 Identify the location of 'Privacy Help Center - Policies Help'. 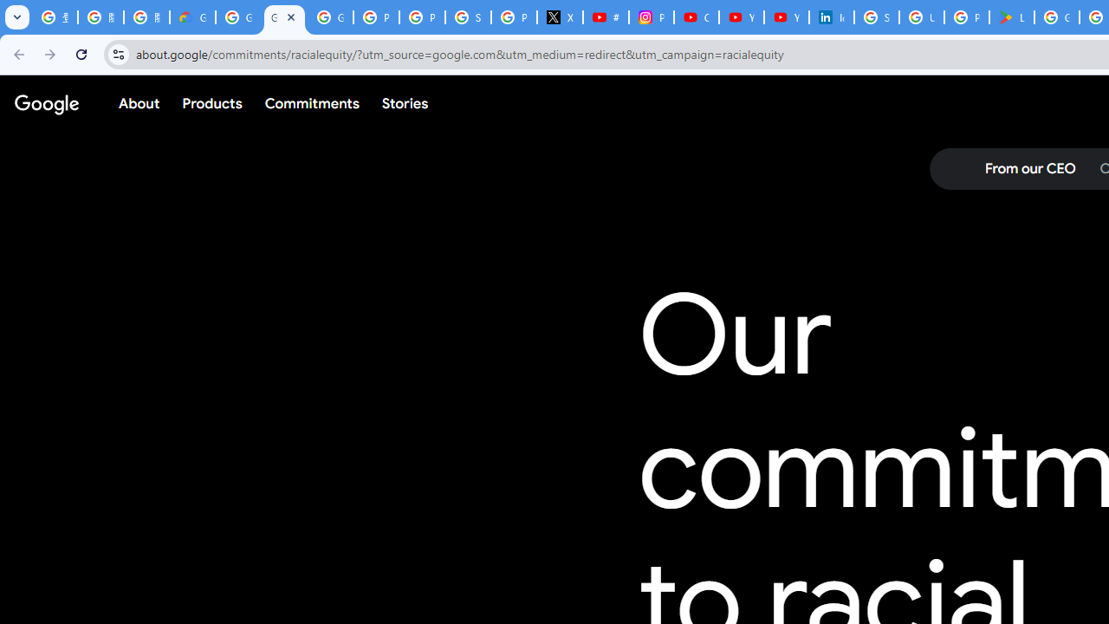
(422, 17).